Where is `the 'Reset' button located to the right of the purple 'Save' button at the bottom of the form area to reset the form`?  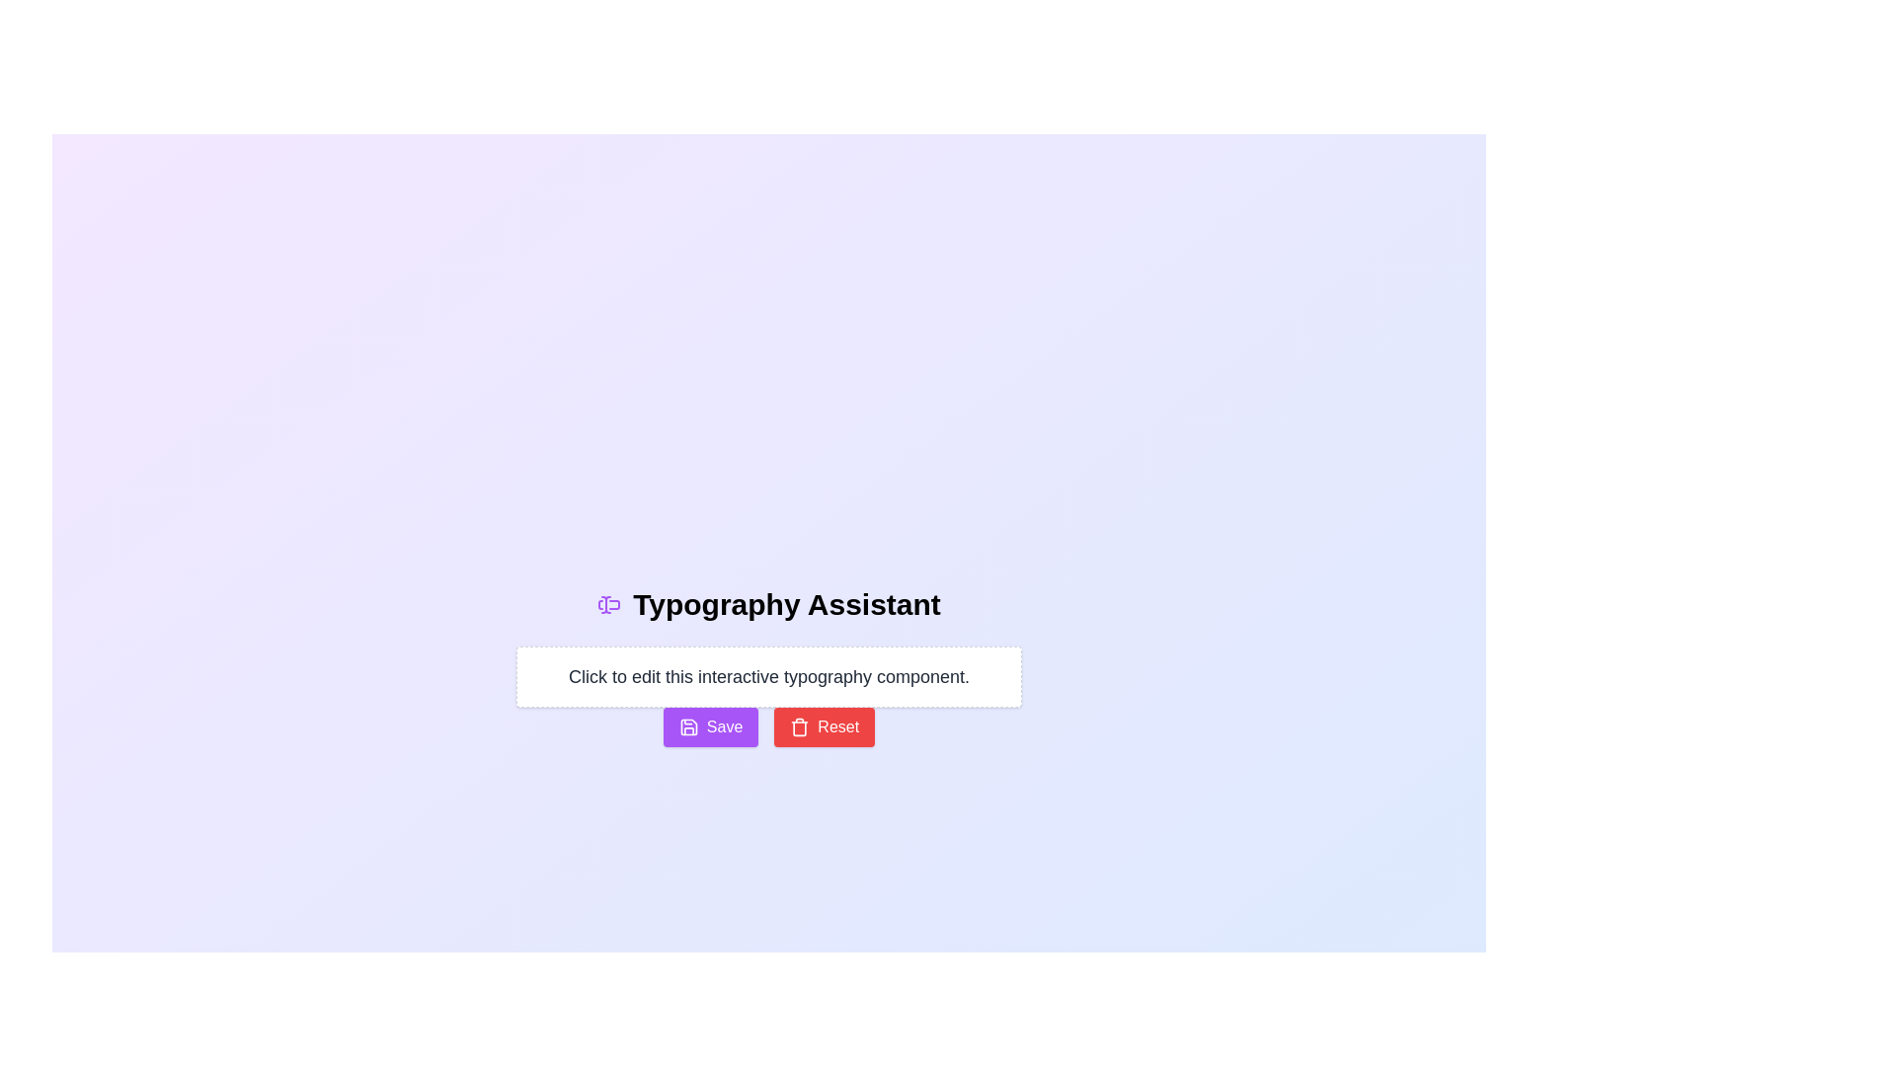
the 'Reset' button located to the right of the purple 'Save' button at the bottom of the form area to reset the form is located at coordinates (825, 726).